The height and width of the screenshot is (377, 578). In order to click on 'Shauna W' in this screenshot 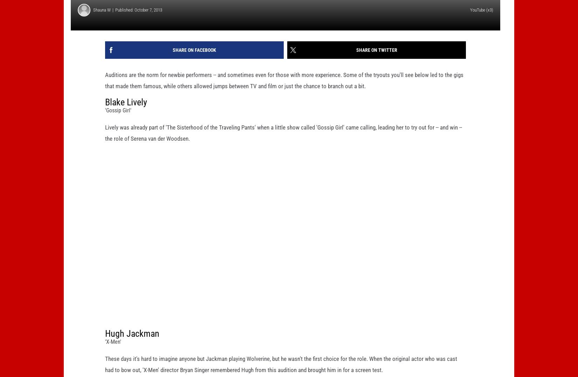, I will do `click(93, 21)`.